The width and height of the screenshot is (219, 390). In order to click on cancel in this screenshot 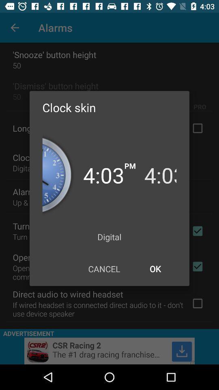, I will do `click(104, 269)`.